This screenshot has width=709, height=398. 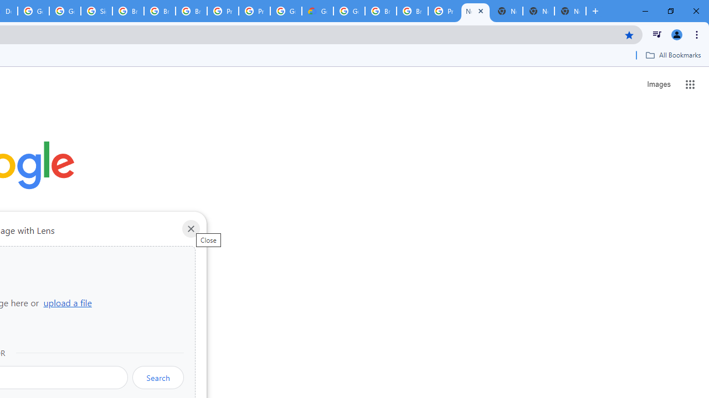 I want to click on 'Google Cloud Platform', so click(x=348, y=11).